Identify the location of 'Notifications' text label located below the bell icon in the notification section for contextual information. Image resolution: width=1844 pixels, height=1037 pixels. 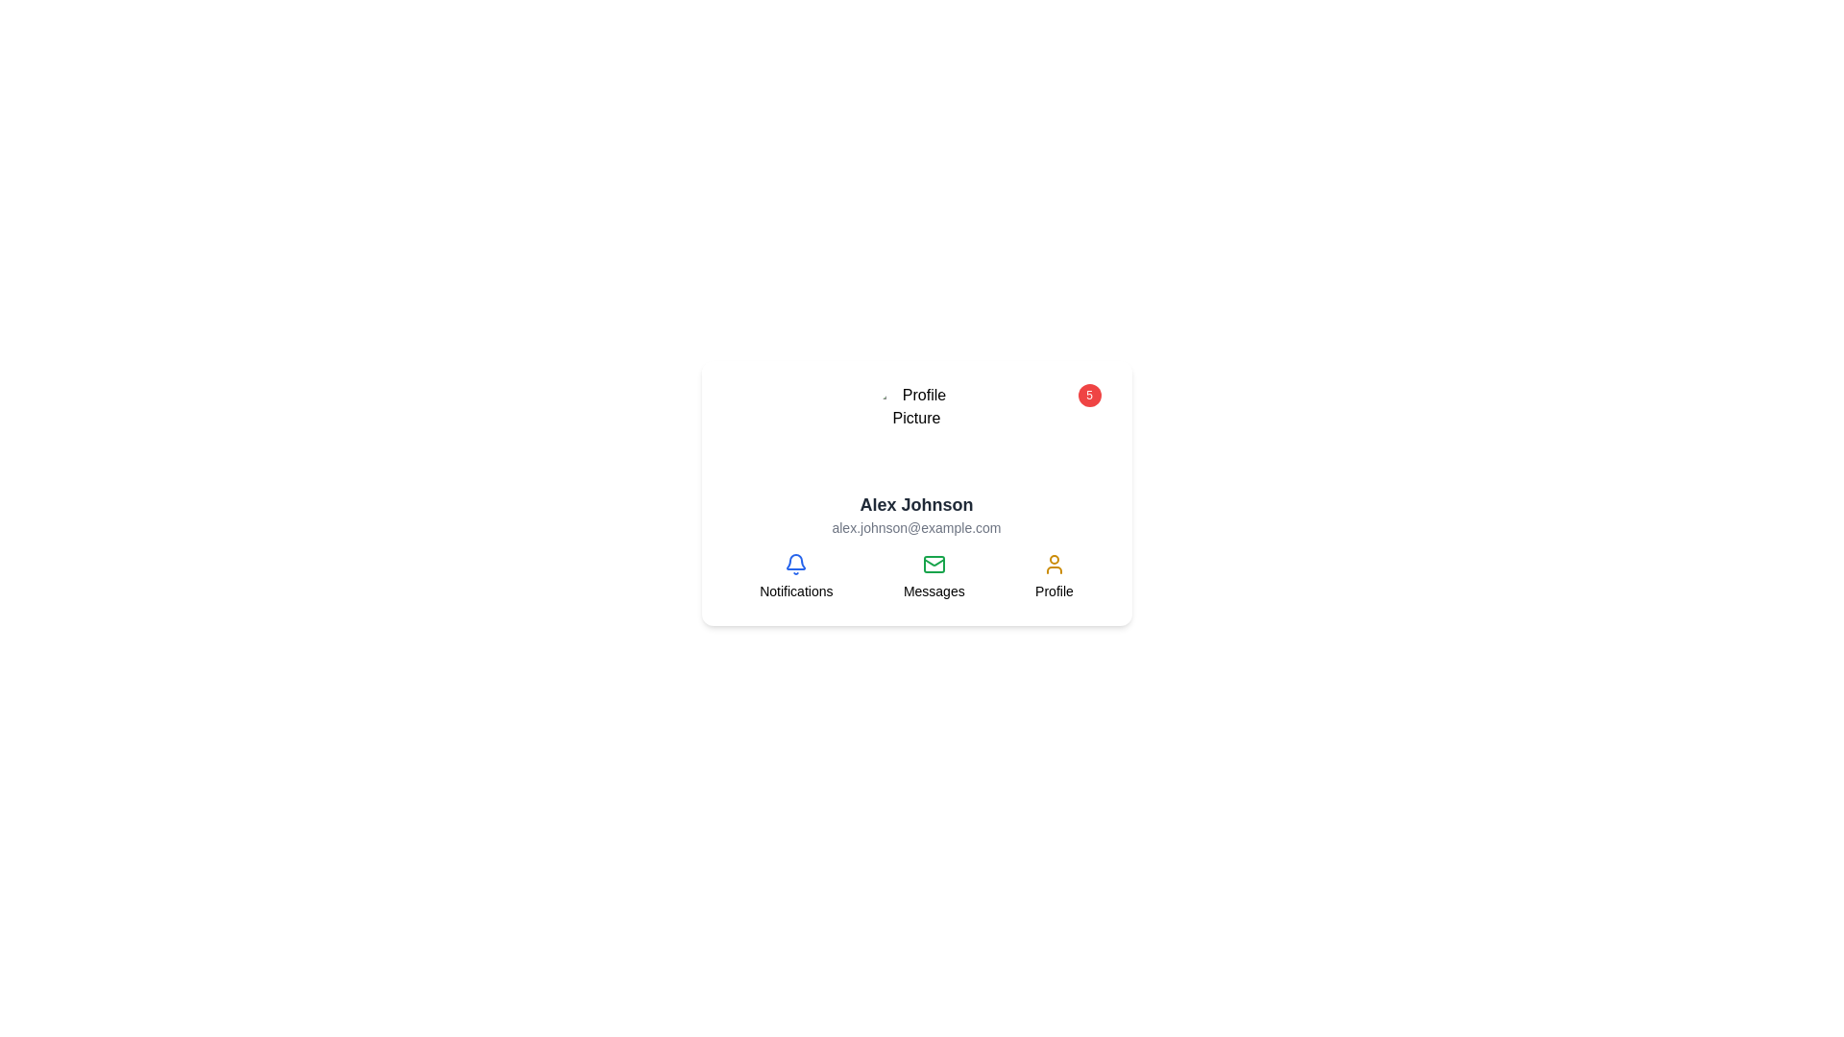
(796, 591).